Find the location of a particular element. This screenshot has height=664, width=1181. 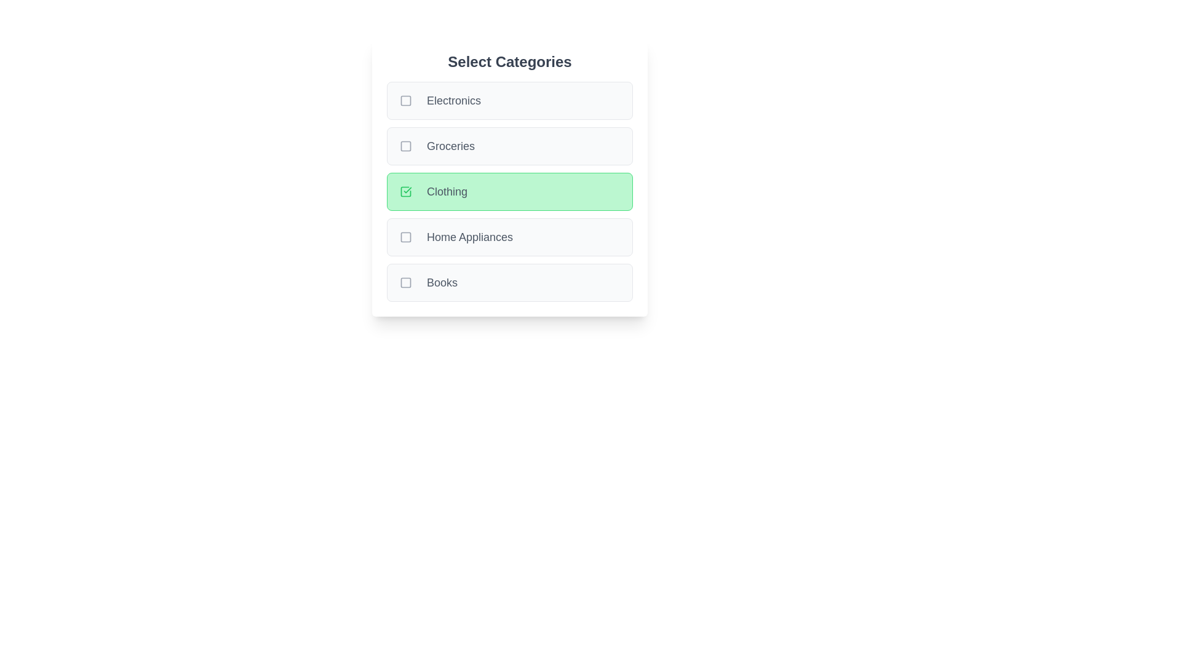

the checkbox for Books is located at coordinates (406, 282).